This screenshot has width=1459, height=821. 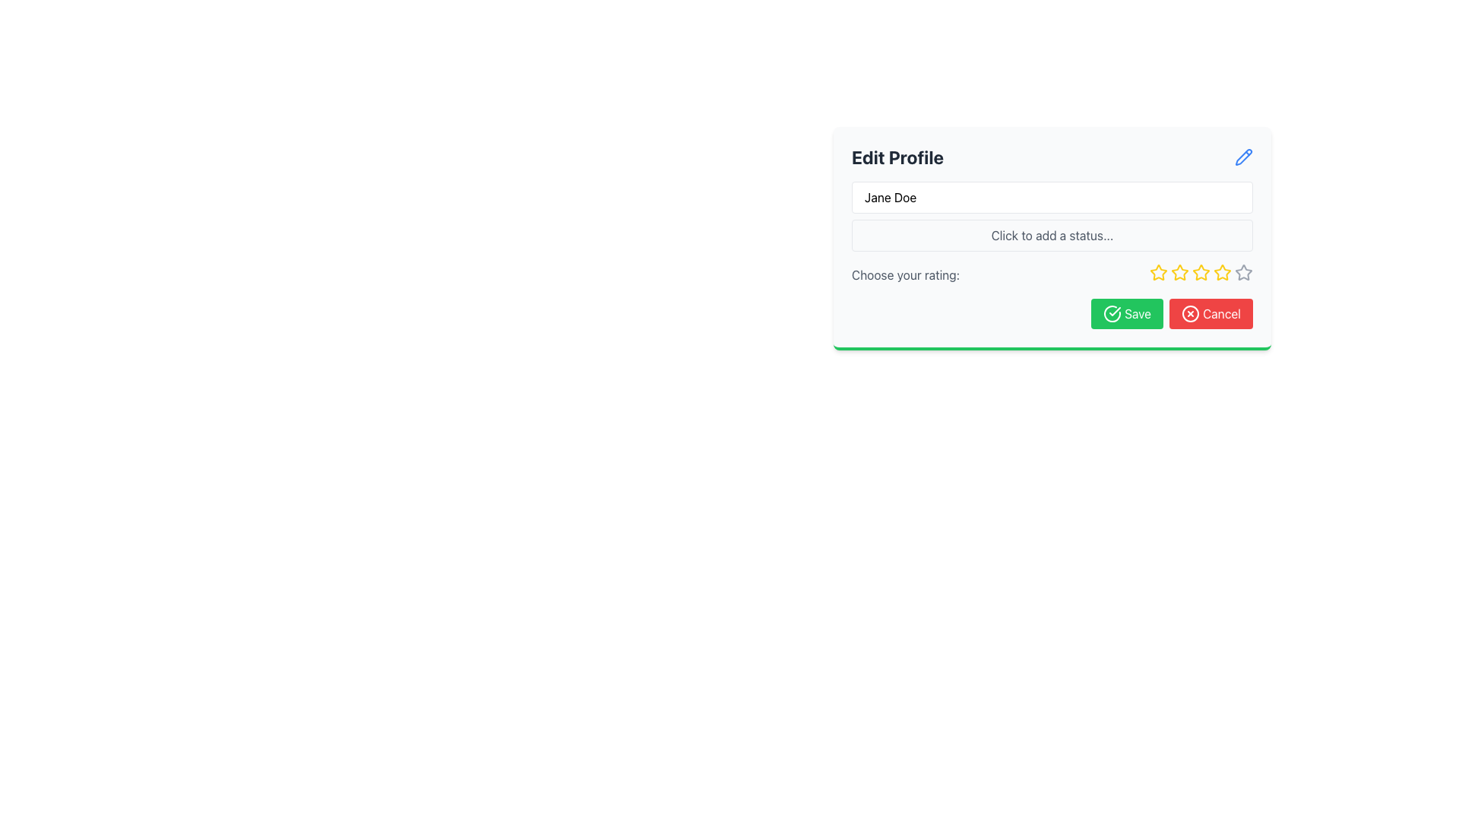 What do you see at coordinates (1200, 275) in the screenshot?
I see `the third yellow rating star in the 'Choose your rating' section` at bounding box center [1200, 275].